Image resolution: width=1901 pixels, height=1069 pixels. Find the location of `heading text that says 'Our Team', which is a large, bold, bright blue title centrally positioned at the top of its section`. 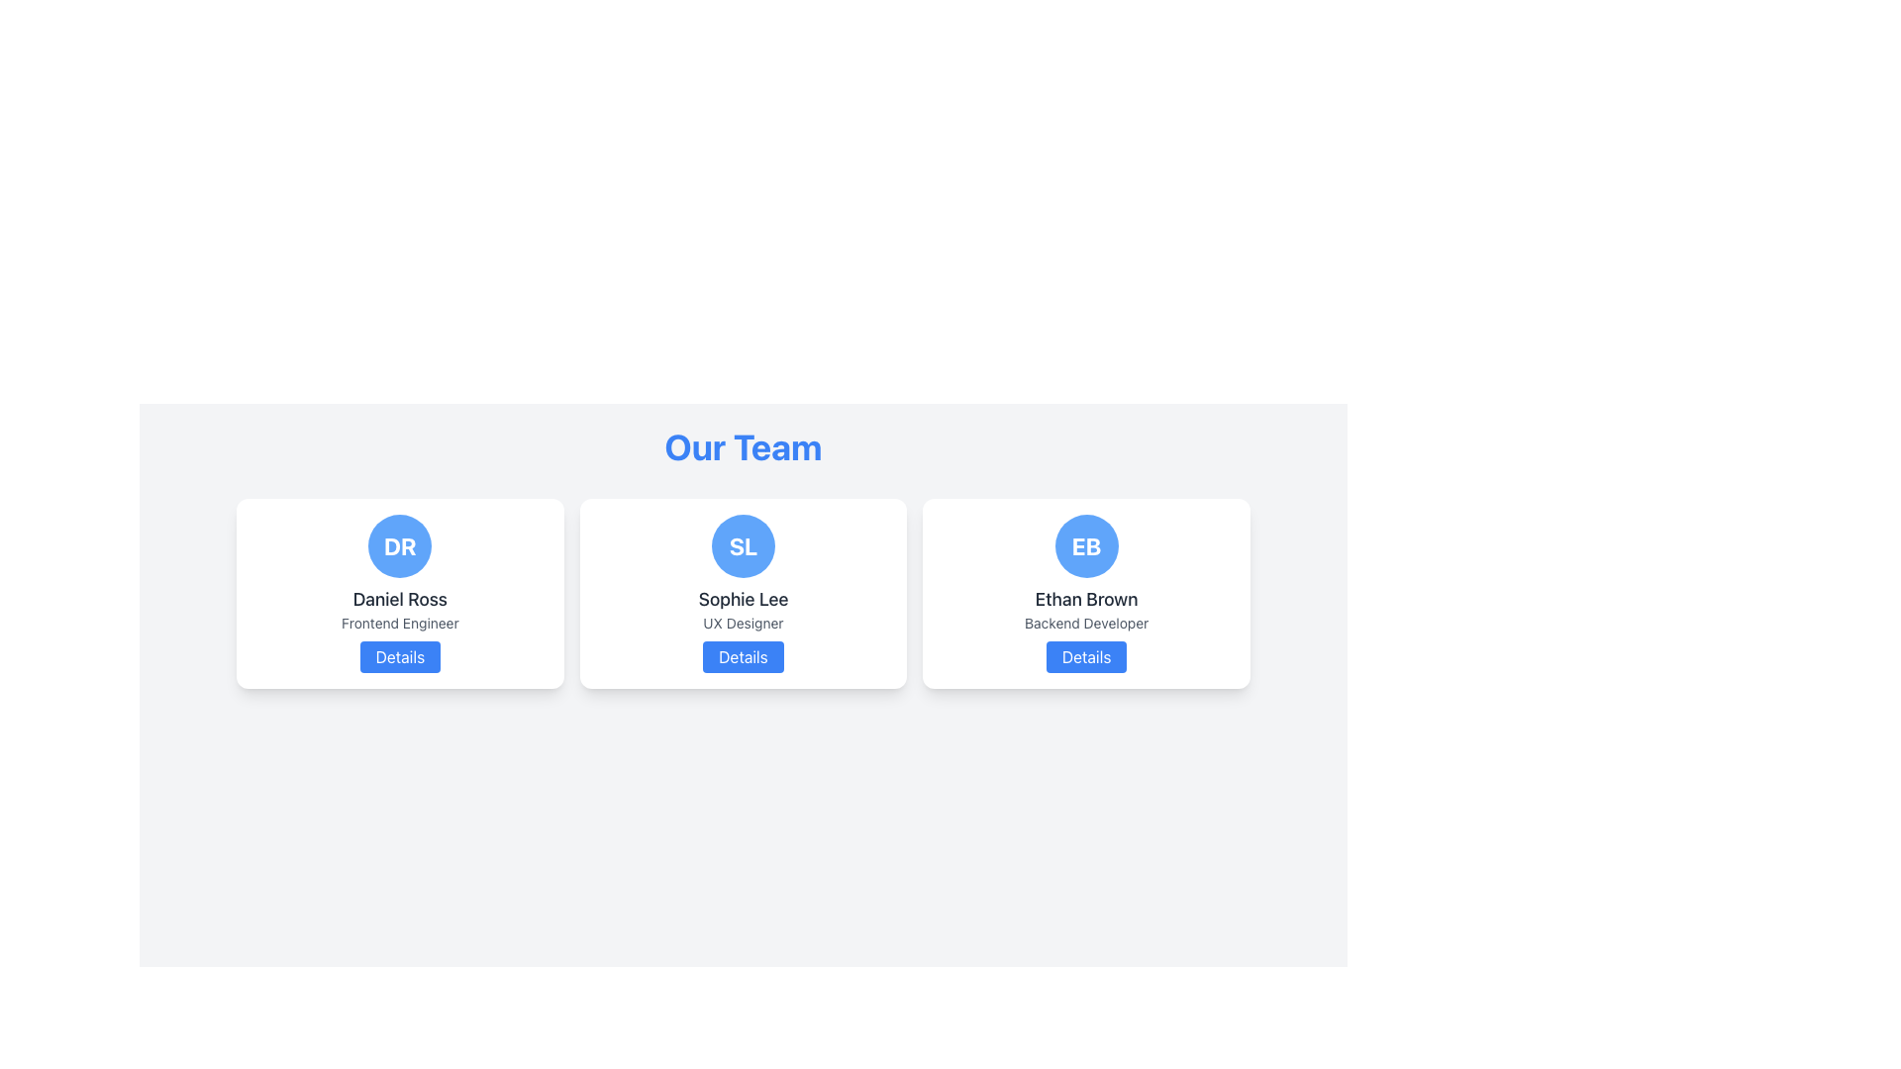

heading text that says 'Our Team', which is a large, bold, bright blue title centrally positioned at the top of its section is located at coordinates (742, 446).